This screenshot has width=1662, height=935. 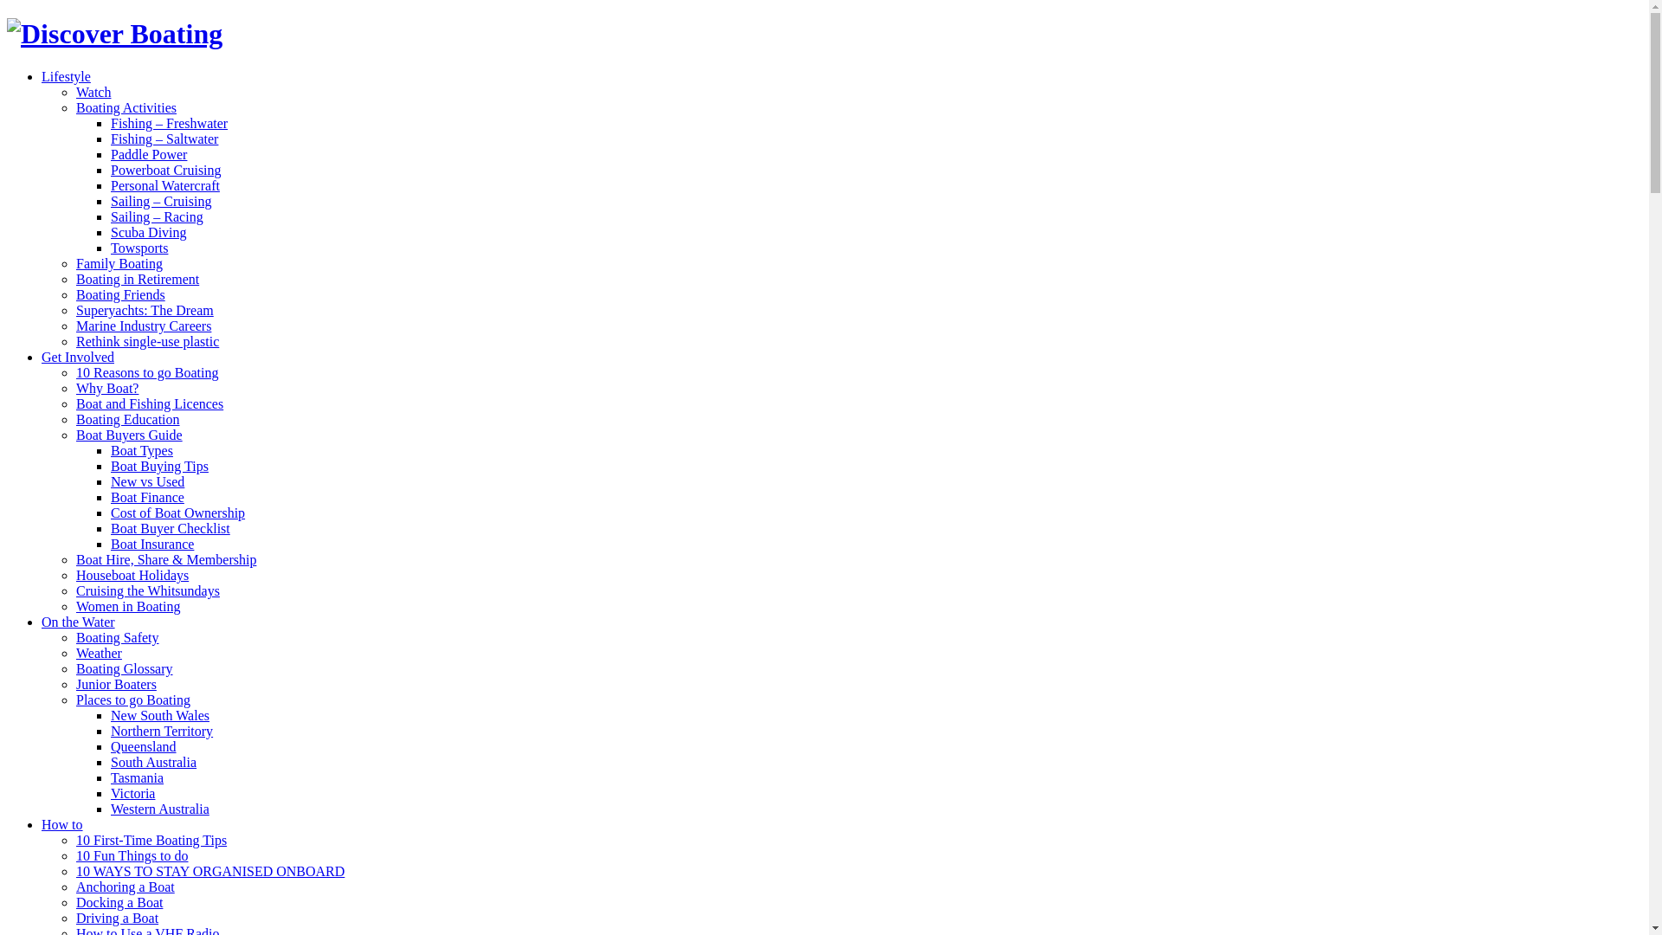 What do you see at coordinates (110, 248) in the screenshot?
I see `'Towsports'` at bounding box center [110, 248].